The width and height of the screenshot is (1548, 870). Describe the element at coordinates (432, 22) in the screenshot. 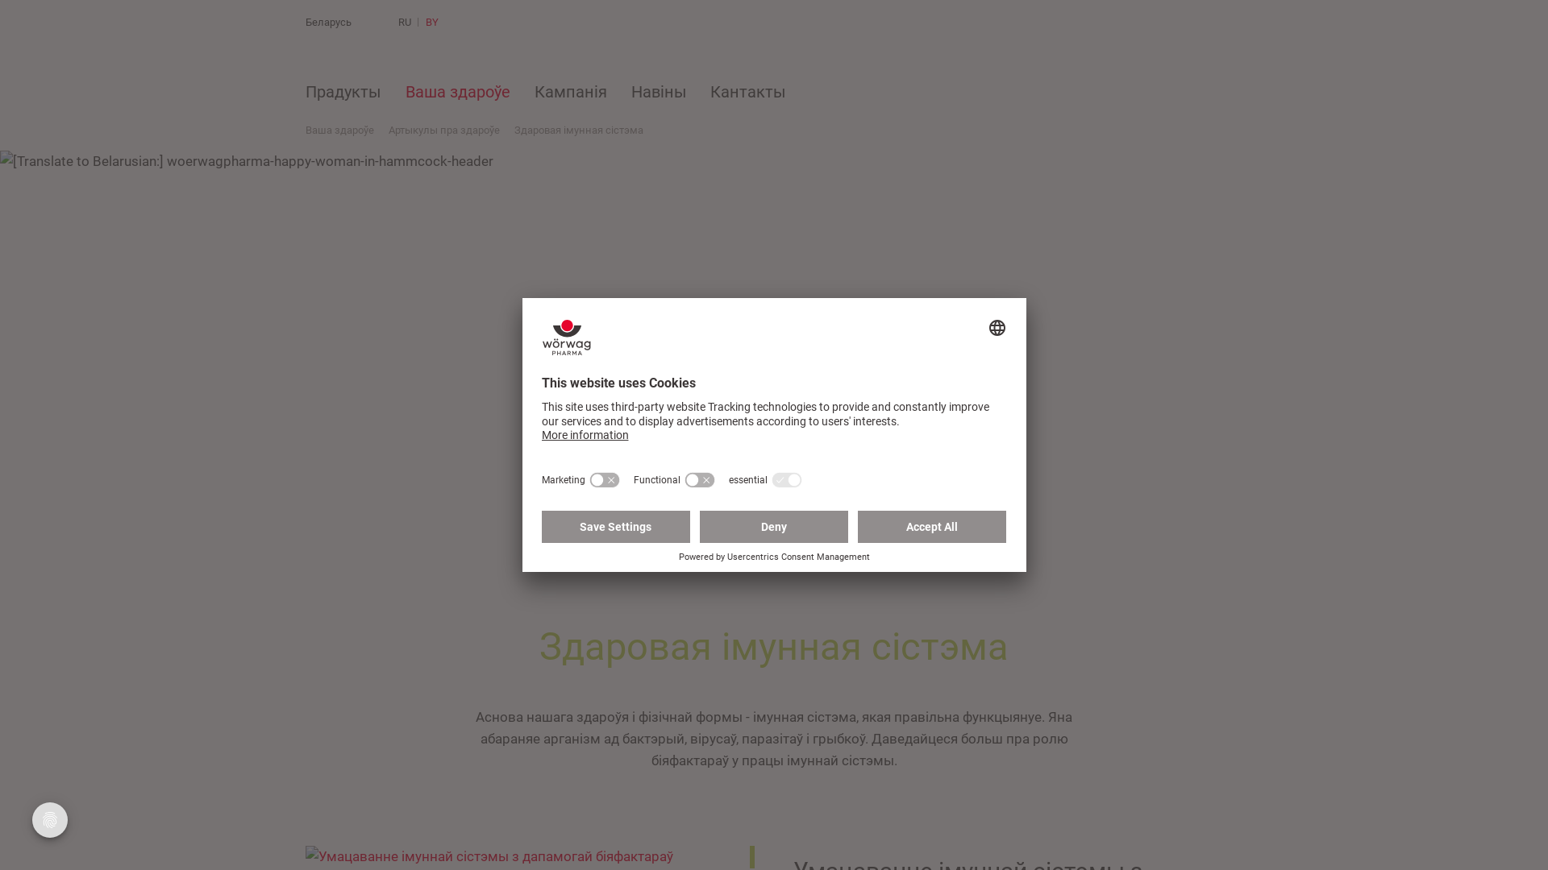

I see `'BY'` at that location.